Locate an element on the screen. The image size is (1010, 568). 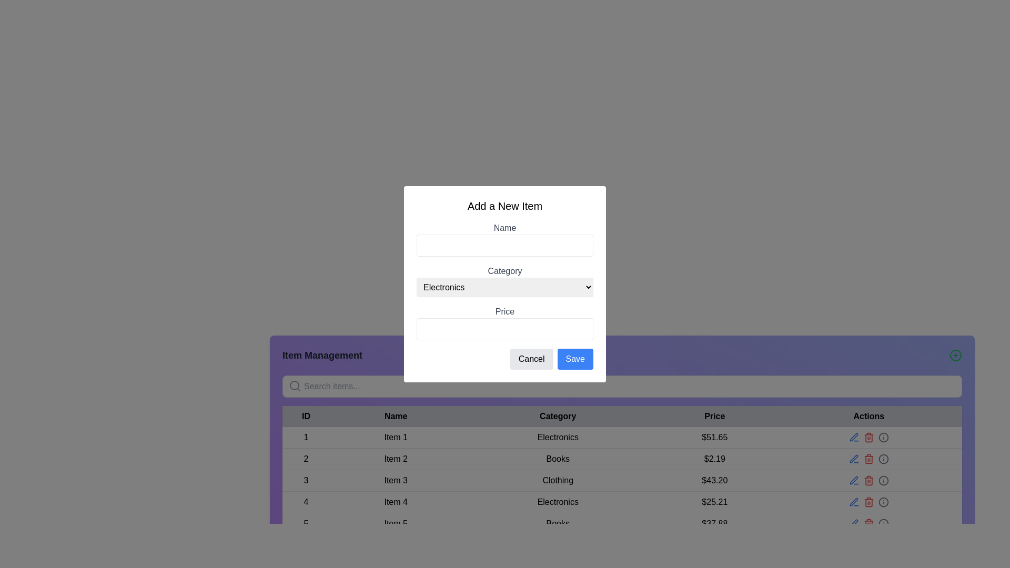
the text label at the top of the dialog box that serves as the form title for adding a new item is located at coordinates (505, 205).